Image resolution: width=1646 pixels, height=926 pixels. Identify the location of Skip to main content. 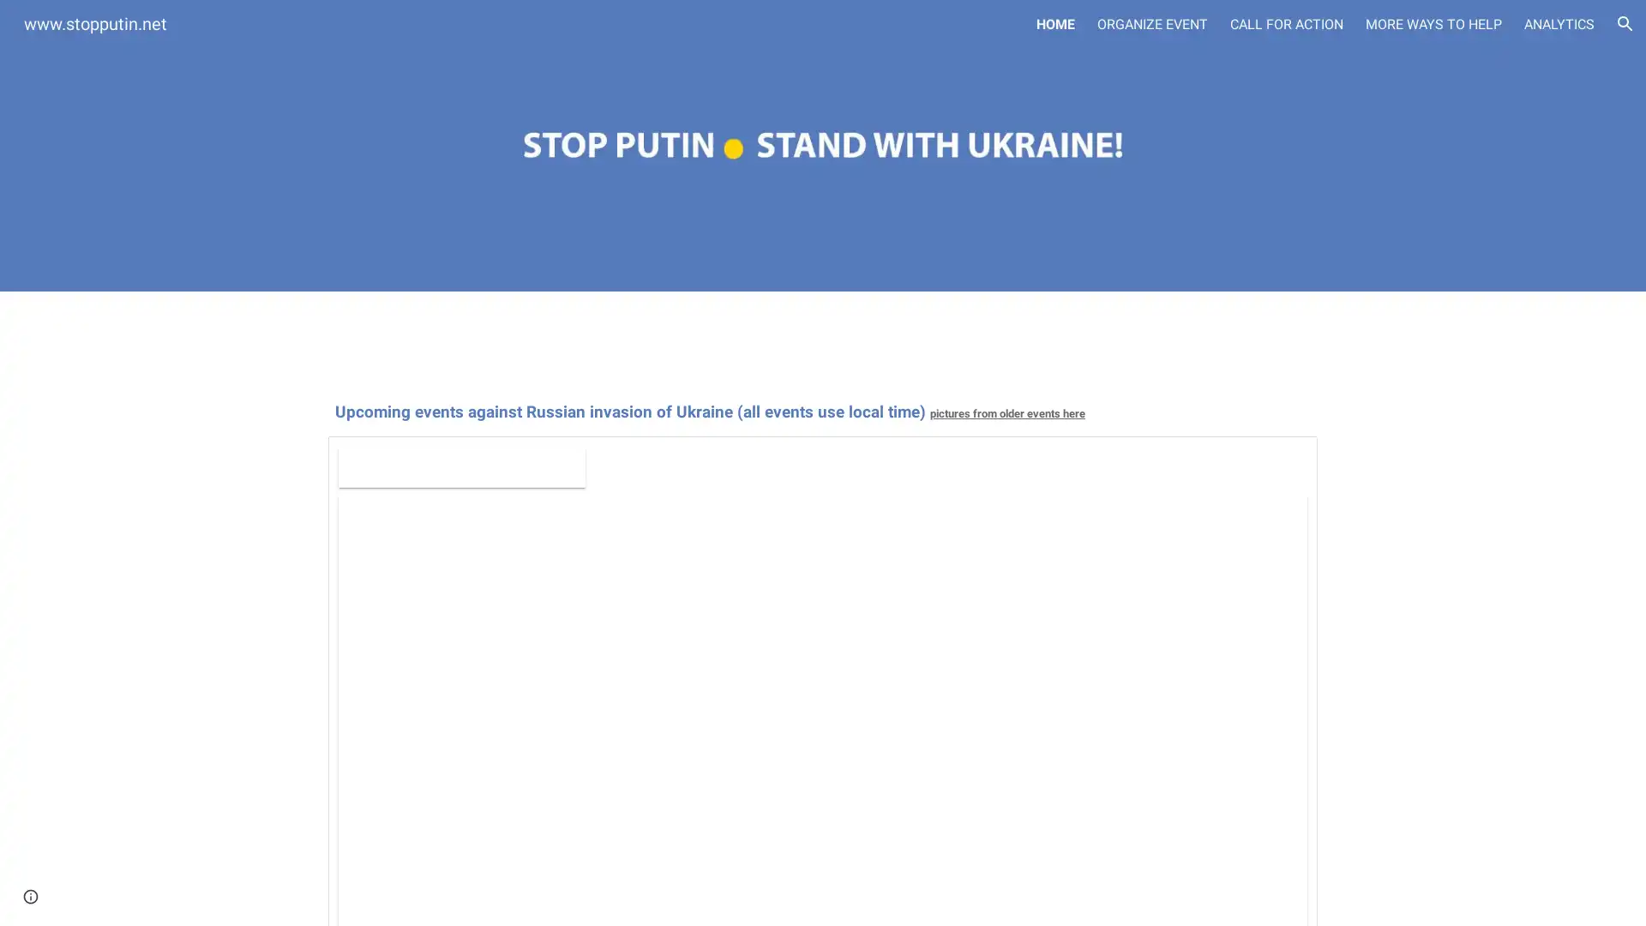
(675, 32).